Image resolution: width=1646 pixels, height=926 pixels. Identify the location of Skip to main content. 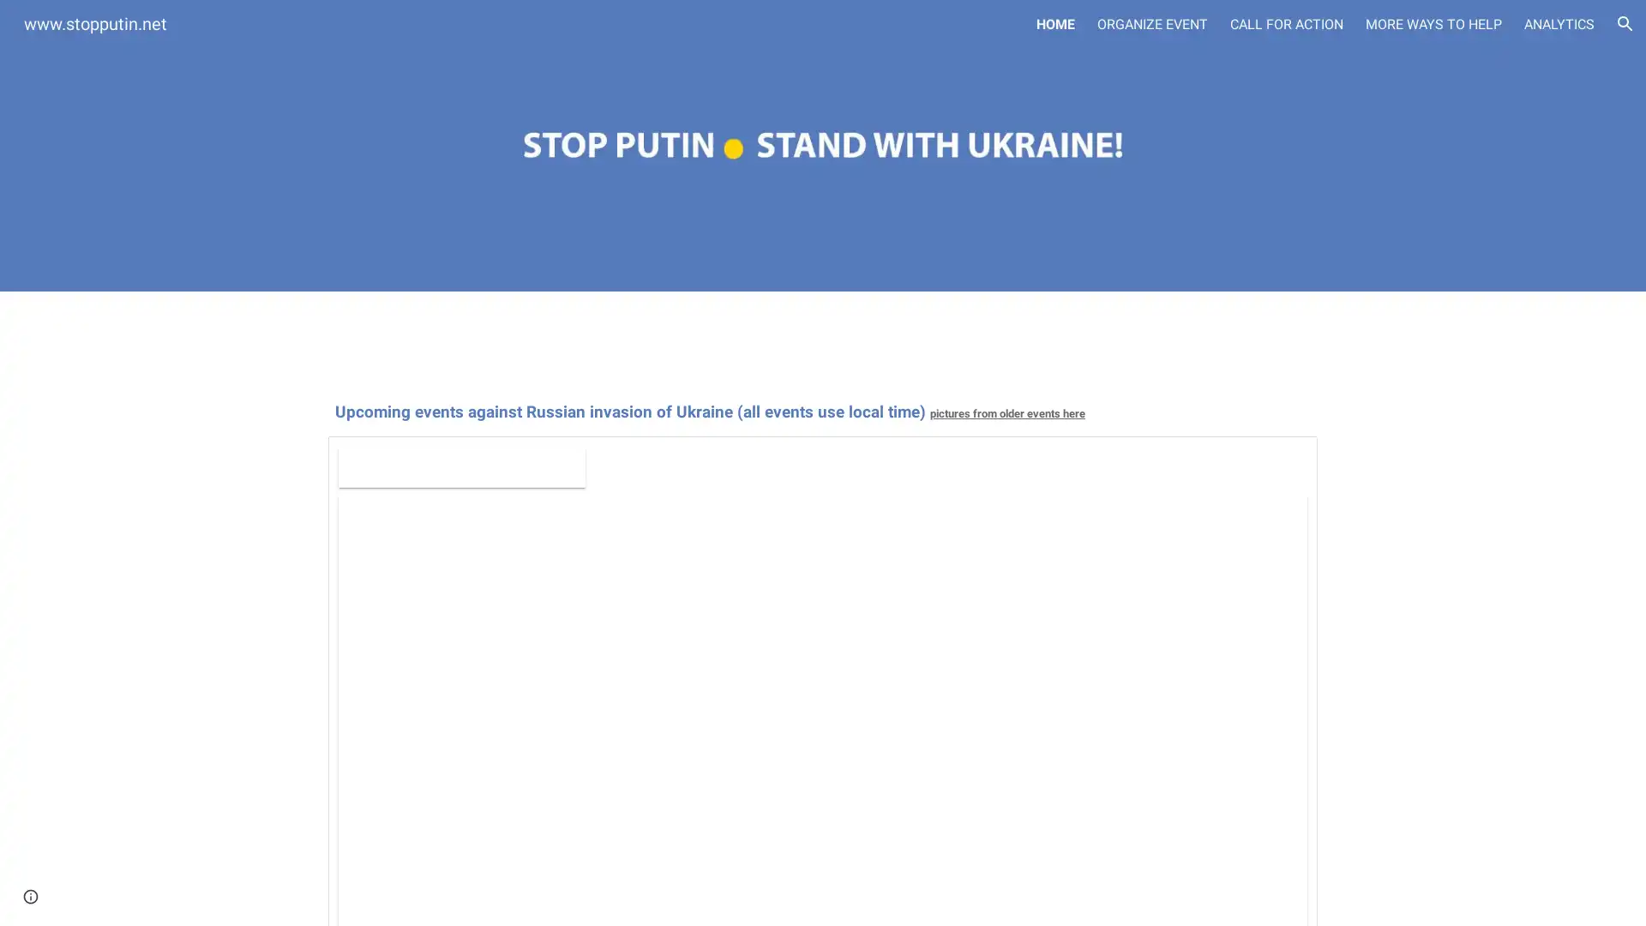
(675, 32).